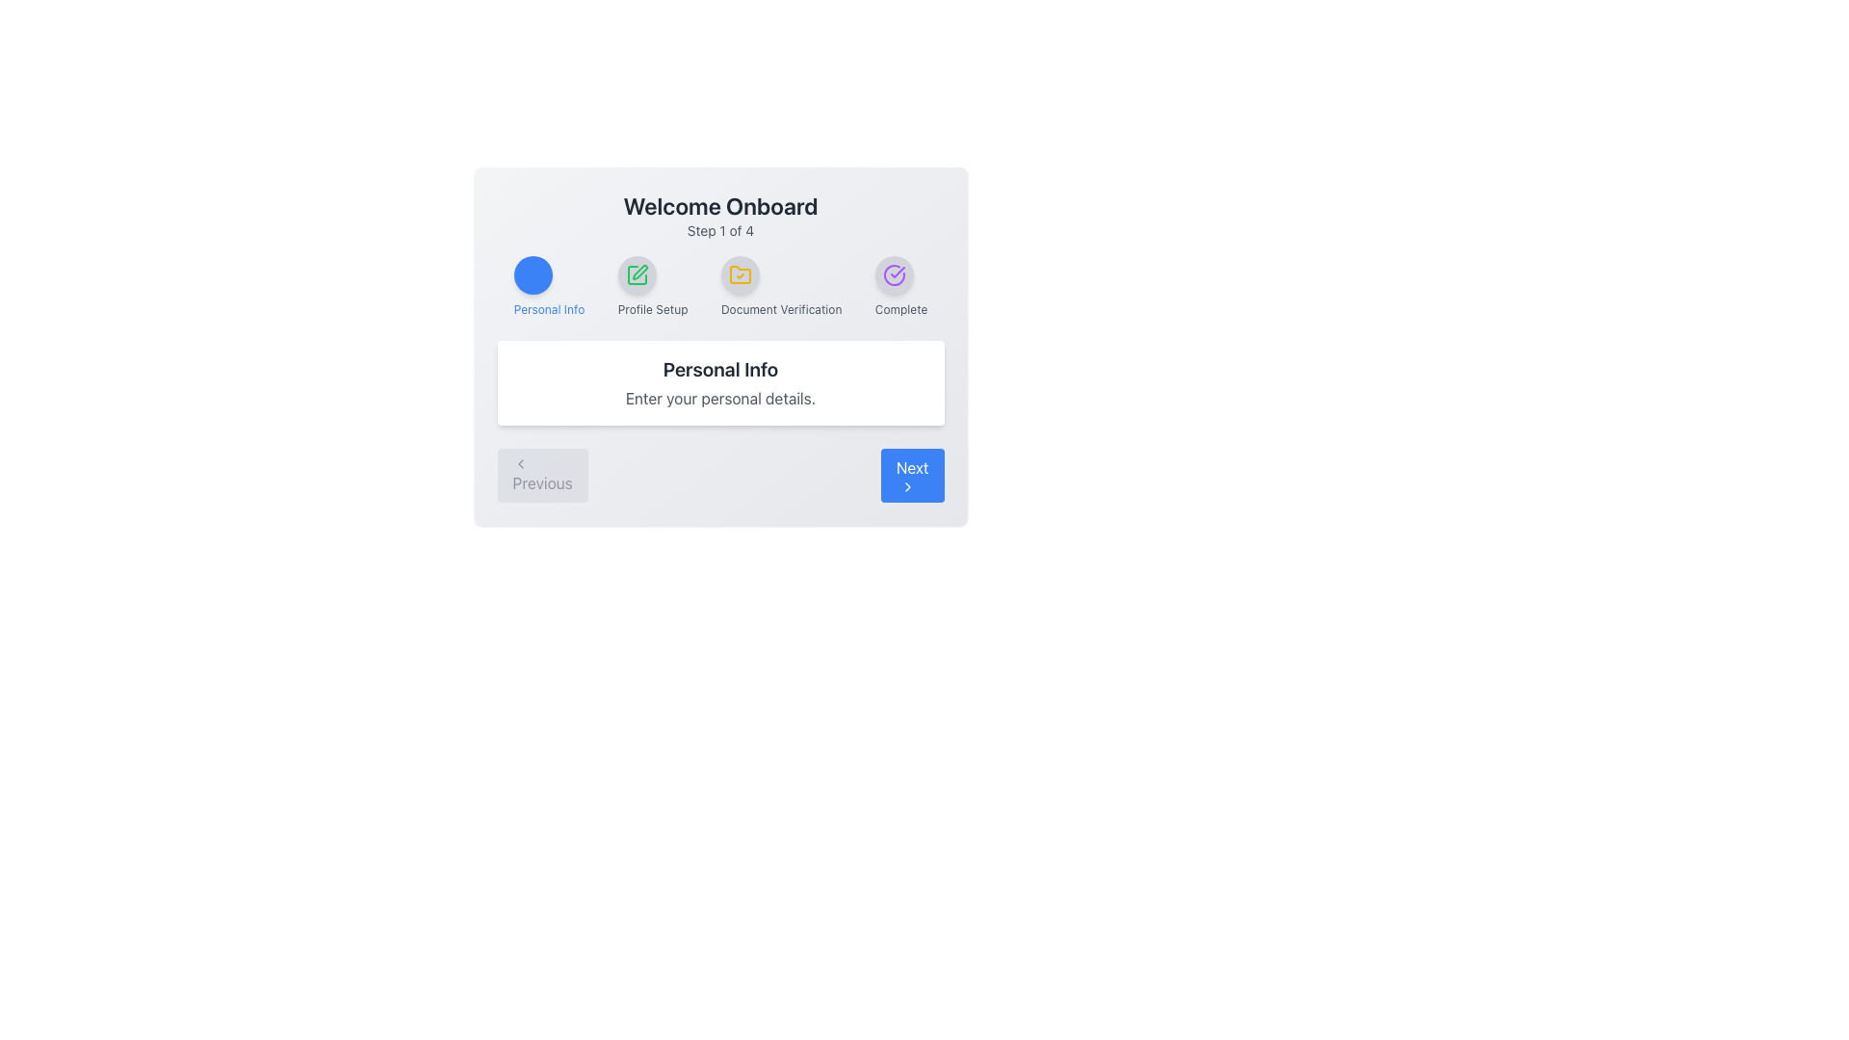  I want to click on the folder icon with a checkmark symbol, which is the third icon in a row of navigation steps at the top of the interface, so click(739, 274).